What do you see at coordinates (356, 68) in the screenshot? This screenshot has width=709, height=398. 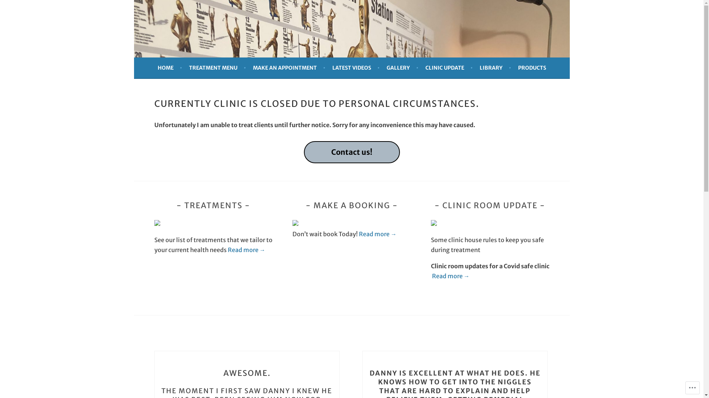 I see `'LATEST VIDEOS'` at bounding box center [356, 68].